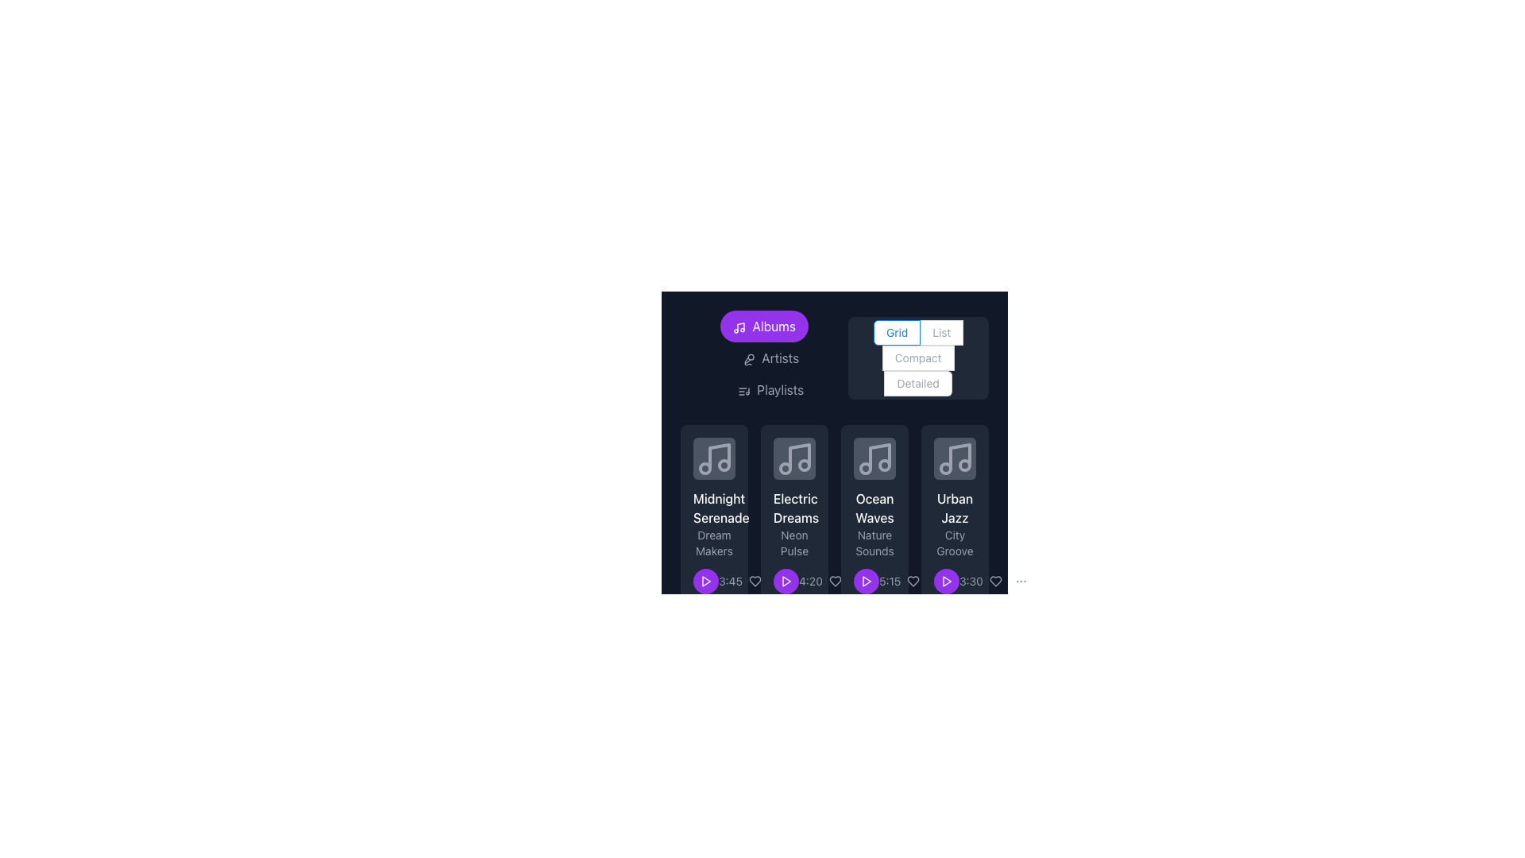 The height and width of the screenshot is (858, 1525). Describe the element at coordinates (954, 582) in the screenshot. I see `the interactive media button marked with a play icon and displaying '3:30' to play the associated song` at that location.